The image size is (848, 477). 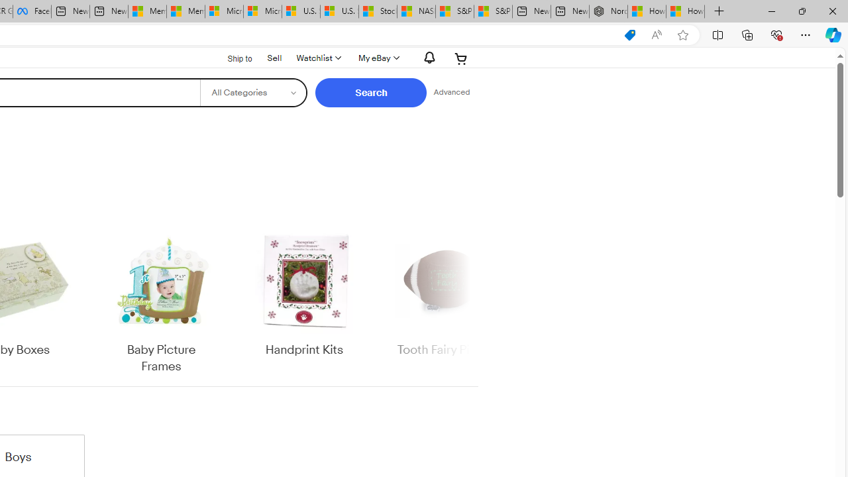 What do you see at coordinates (32, 11) in the screenshot?
I see `'Facebook'` at bounding box center [32, 11].